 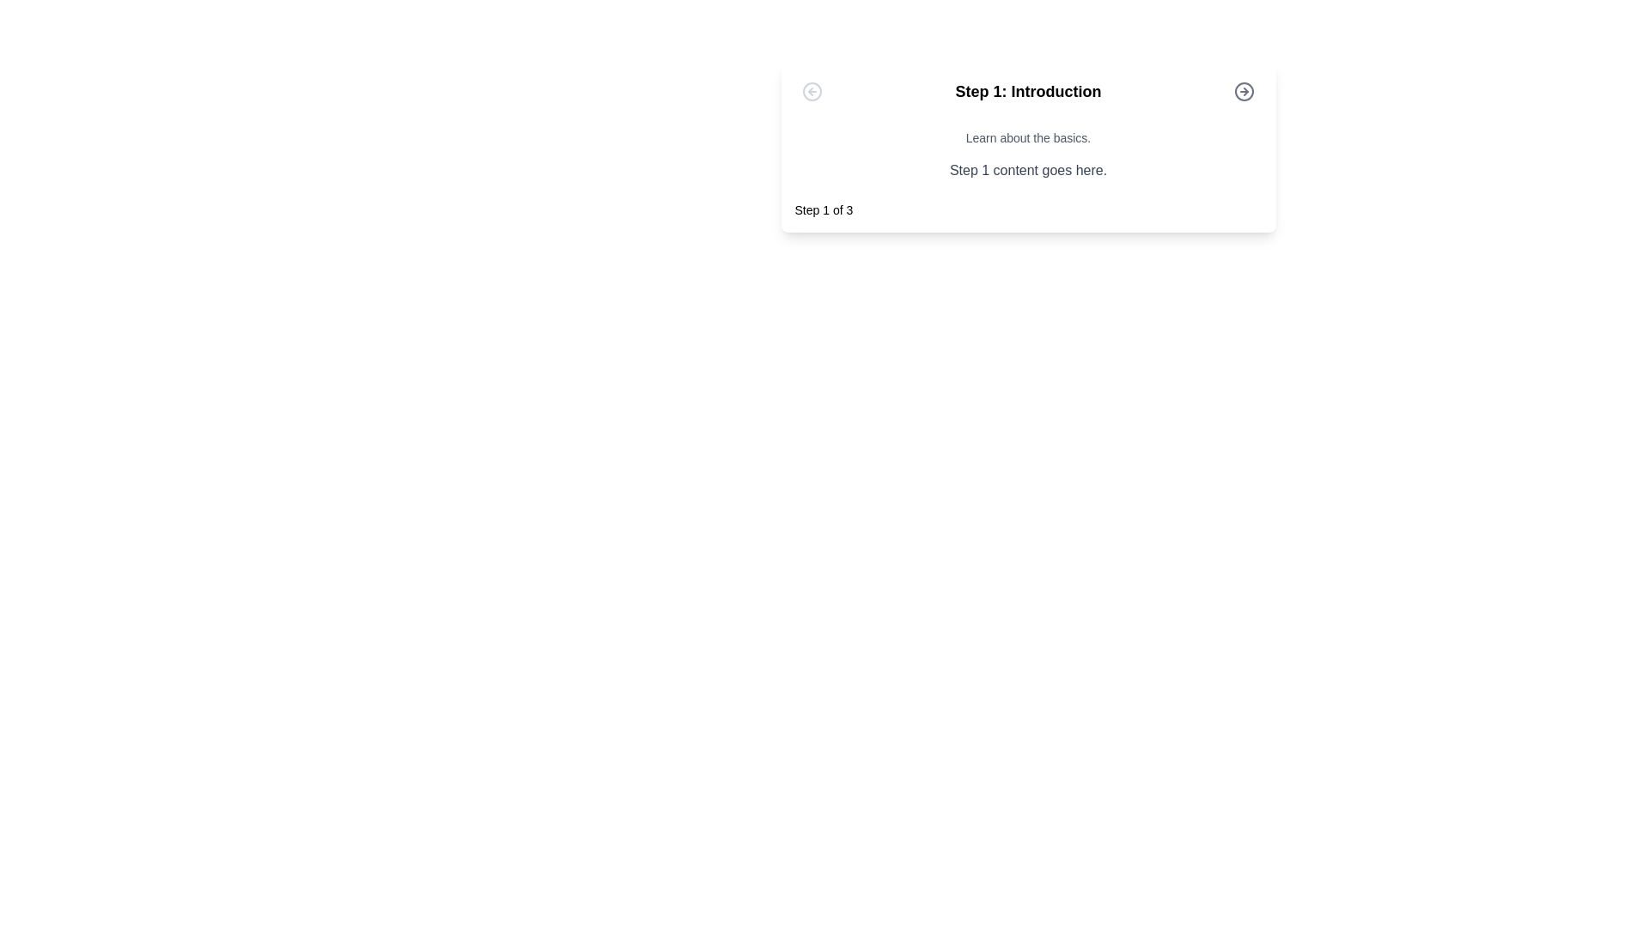 What do you see at coordinates (1244, 92) in the screenshot?
I see `the circular part of the arrow icon located at the top-right corner of the card interface` at bounding box center [1244, 92].